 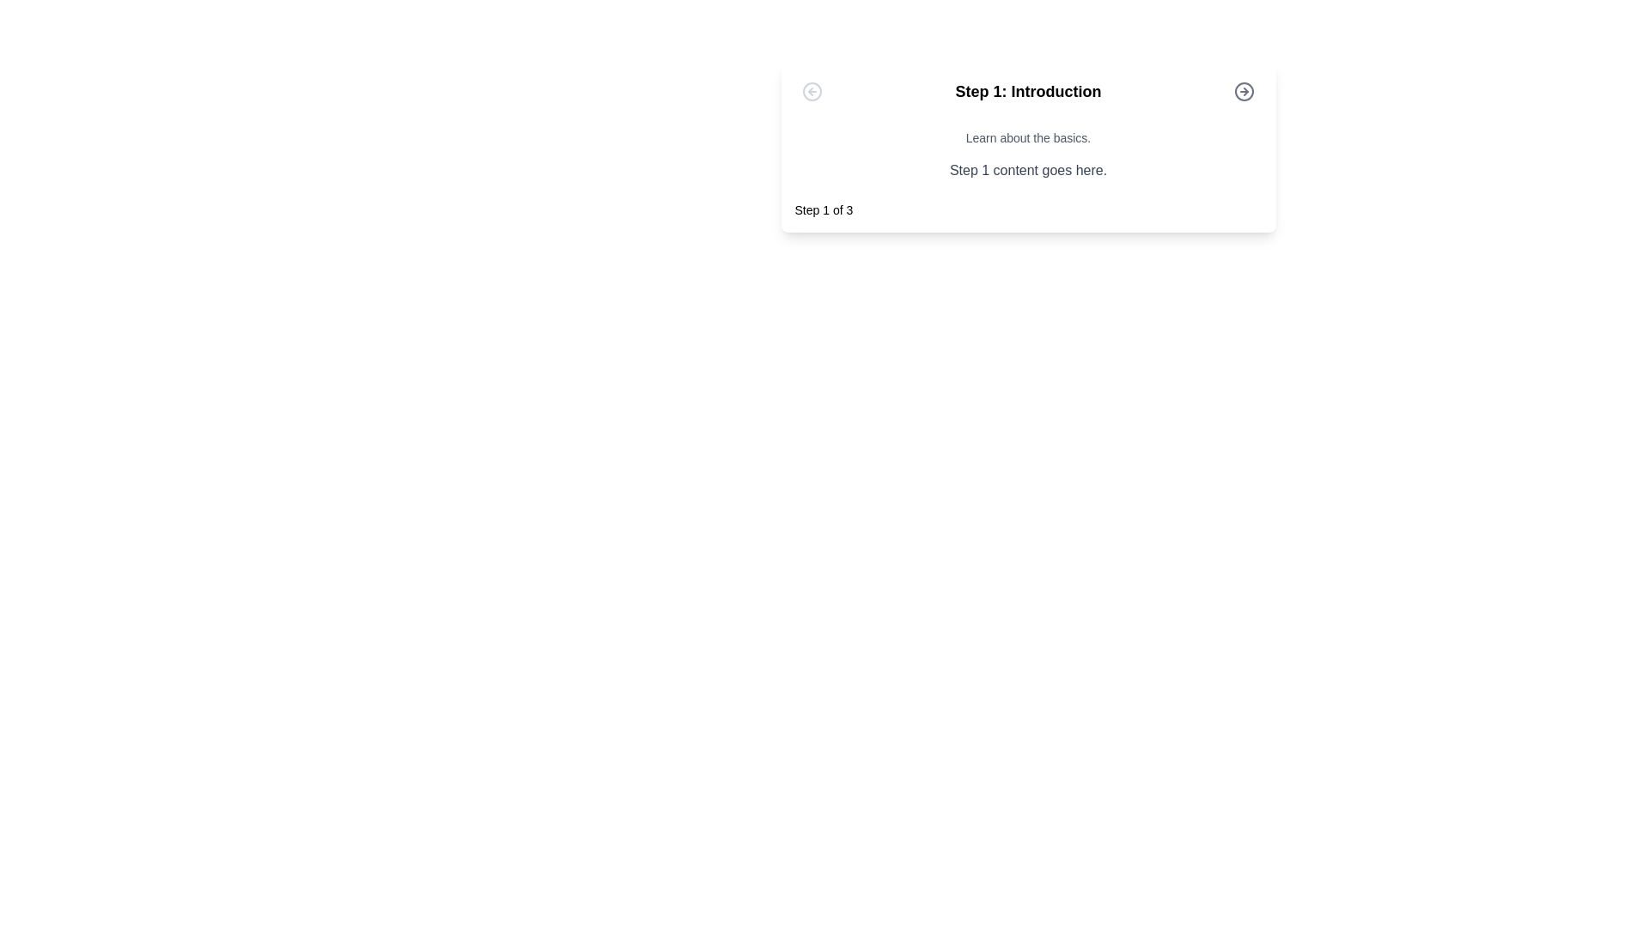 What do you see at coordinates (1244, 92) in the screenshot?
I see `the circular part of the arrow icon located at the top-right corner of the card interface` at bounding box center [1244, 92].